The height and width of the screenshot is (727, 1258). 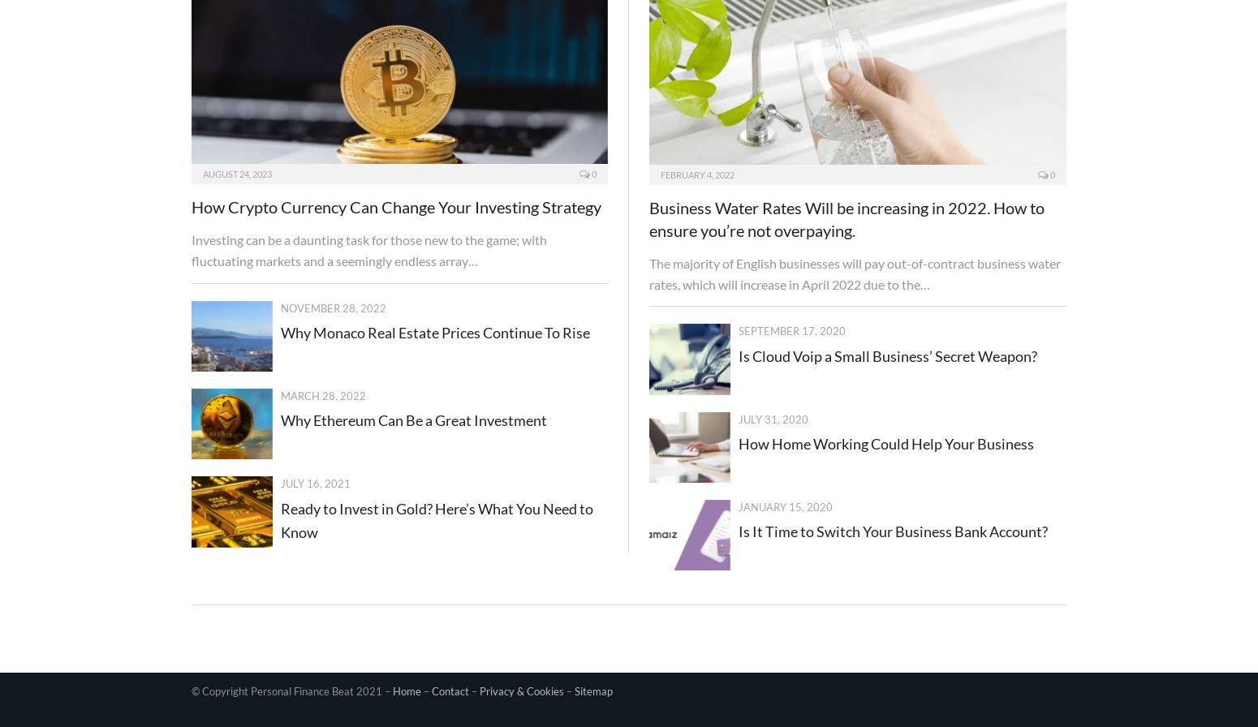 What do you see at coordinates (395, 207) in the screenshot?
I see `'How Crypto Currency Can Change Your Investing Strategy'` at bounding box center [395, 207].